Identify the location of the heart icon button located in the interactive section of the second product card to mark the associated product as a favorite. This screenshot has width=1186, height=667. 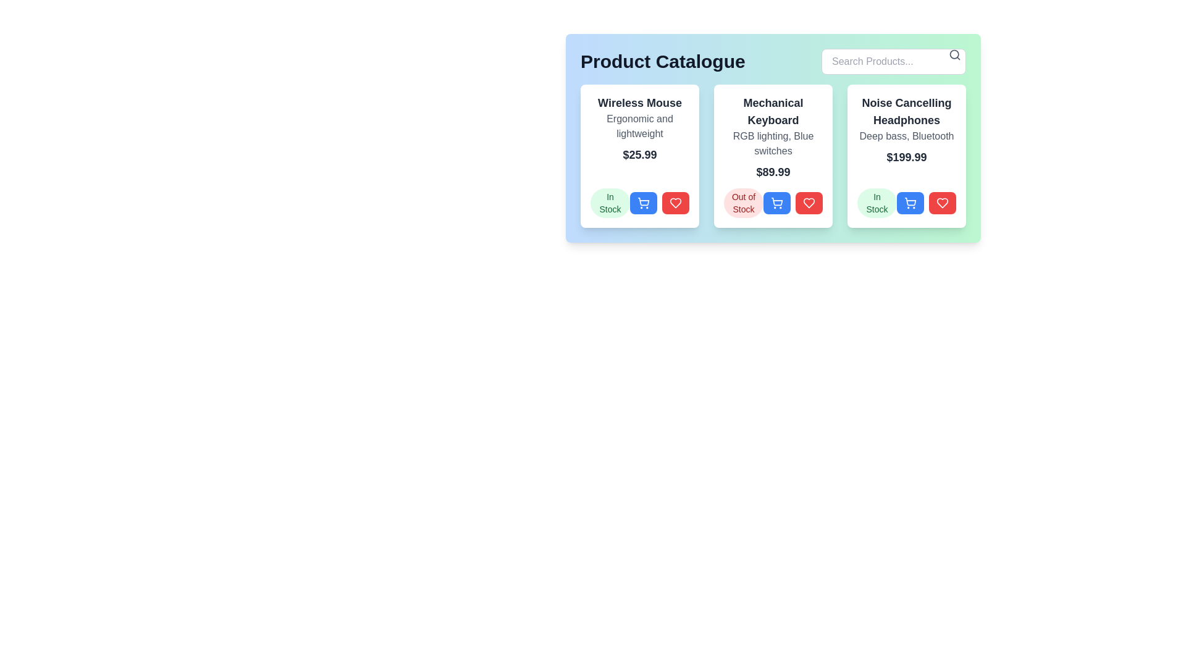
(675, 202).